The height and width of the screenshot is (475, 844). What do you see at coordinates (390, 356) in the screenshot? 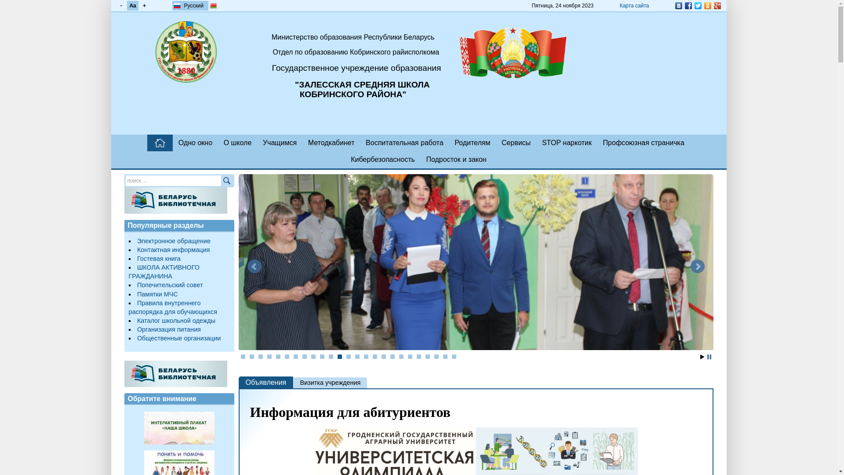
I see `'18'` at bounding box center [390, 356].